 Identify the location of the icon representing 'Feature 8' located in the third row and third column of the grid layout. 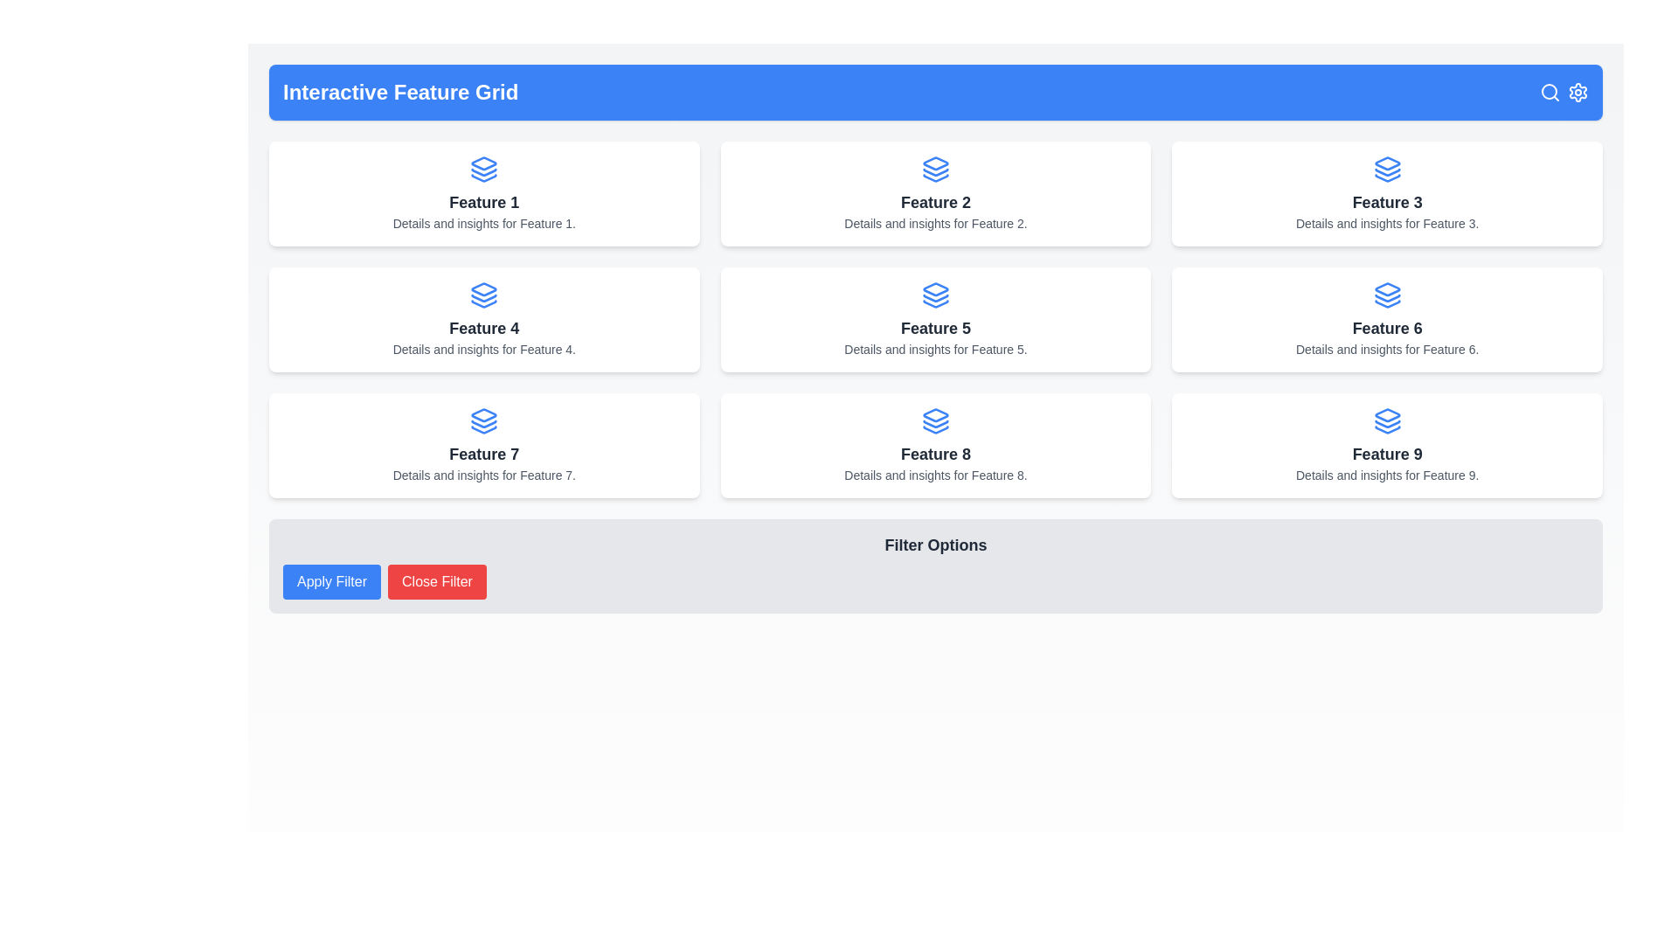
(934, 421).